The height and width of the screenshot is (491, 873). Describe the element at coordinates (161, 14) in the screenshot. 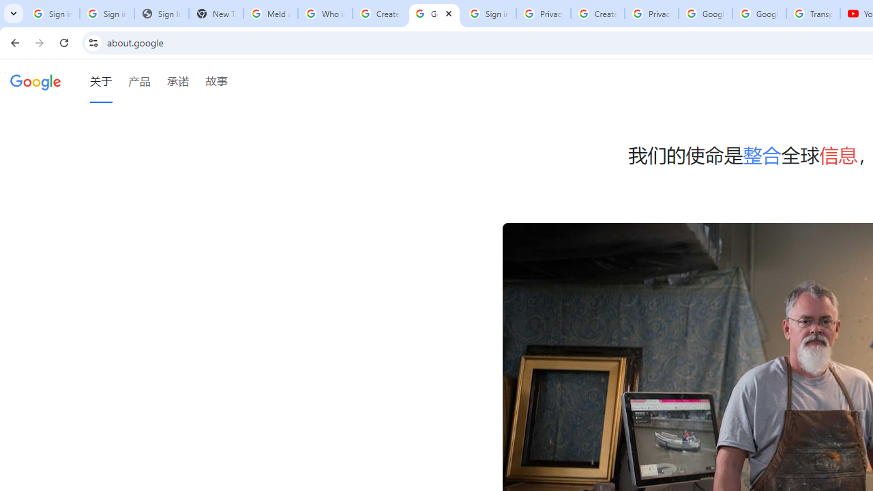

I see `'Sign In - USA TODAY'` at that location.